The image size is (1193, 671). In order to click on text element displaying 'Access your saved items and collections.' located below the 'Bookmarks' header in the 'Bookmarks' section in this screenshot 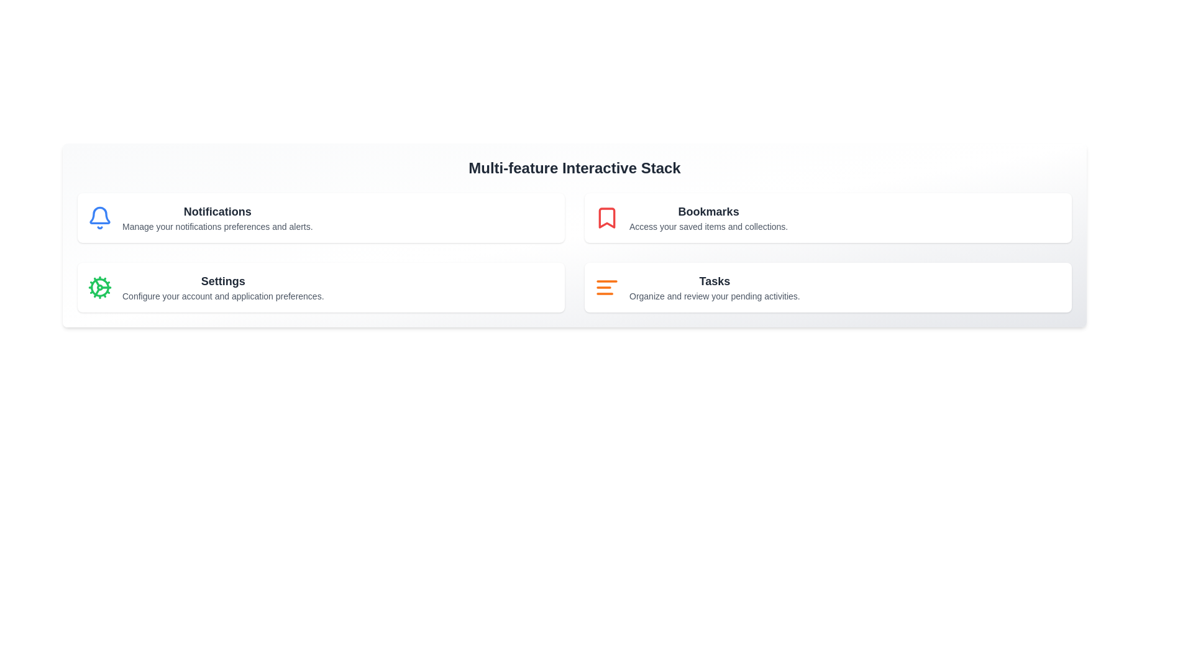, I will do `click(708, 227)`.